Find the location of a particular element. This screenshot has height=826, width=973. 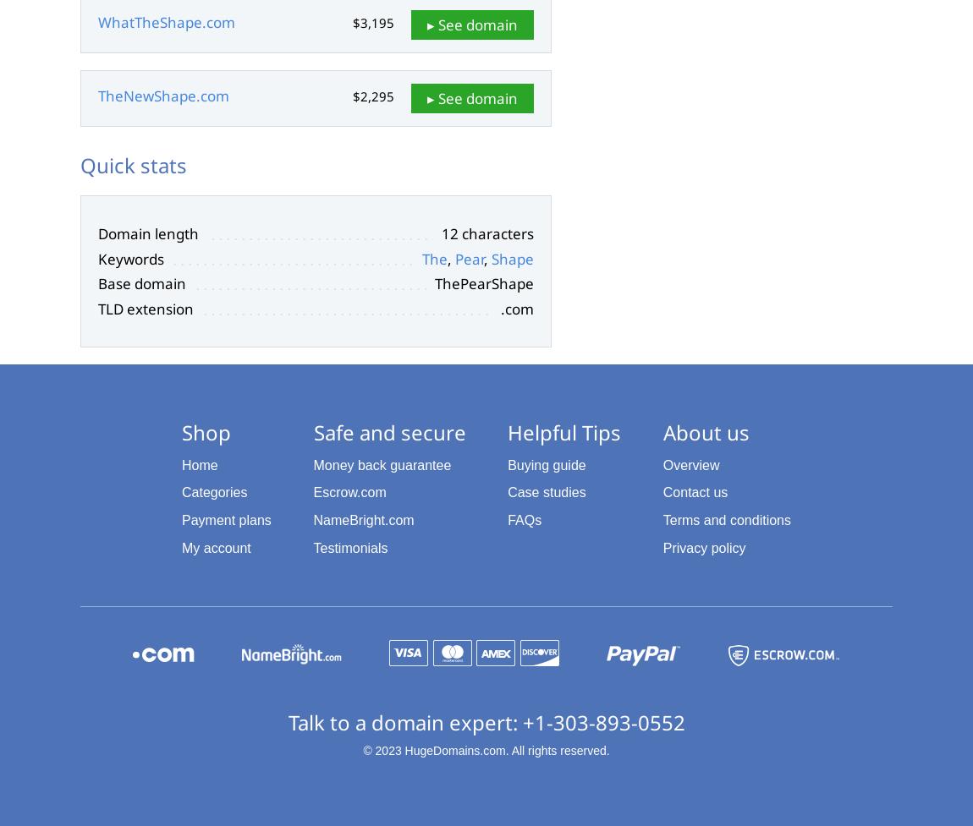

'Helpful Tips' is located at coordinates (563, 431).